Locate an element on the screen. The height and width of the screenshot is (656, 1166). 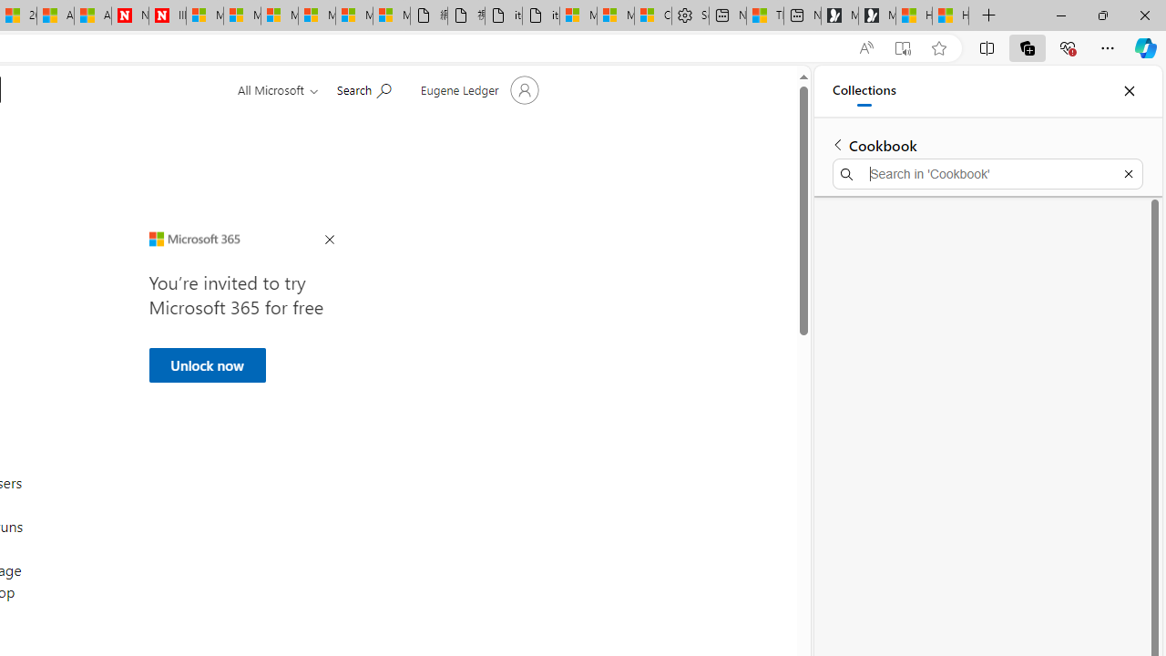
'Search for help' is located at coordinates (363, 88).